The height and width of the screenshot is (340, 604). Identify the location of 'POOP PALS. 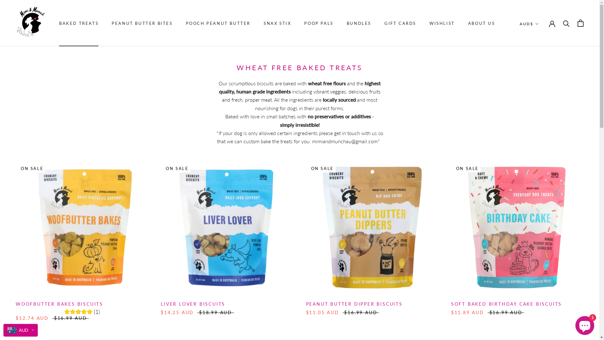
(318, 23).